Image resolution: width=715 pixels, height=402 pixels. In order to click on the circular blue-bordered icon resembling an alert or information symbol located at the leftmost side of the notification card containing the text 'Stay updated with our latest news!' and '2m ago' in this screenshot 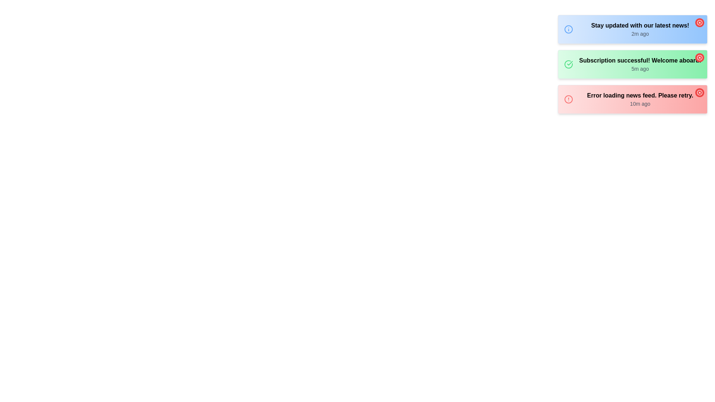, I will do `click(568, 29)`.